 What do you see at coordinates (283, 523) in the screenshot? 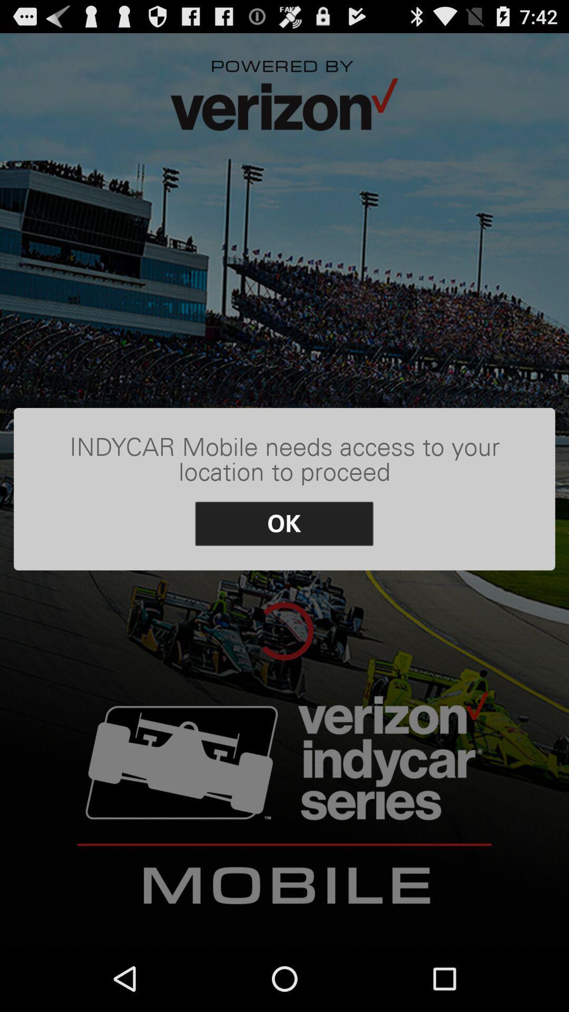
I see `the ok` at bounding box center [283, 523].